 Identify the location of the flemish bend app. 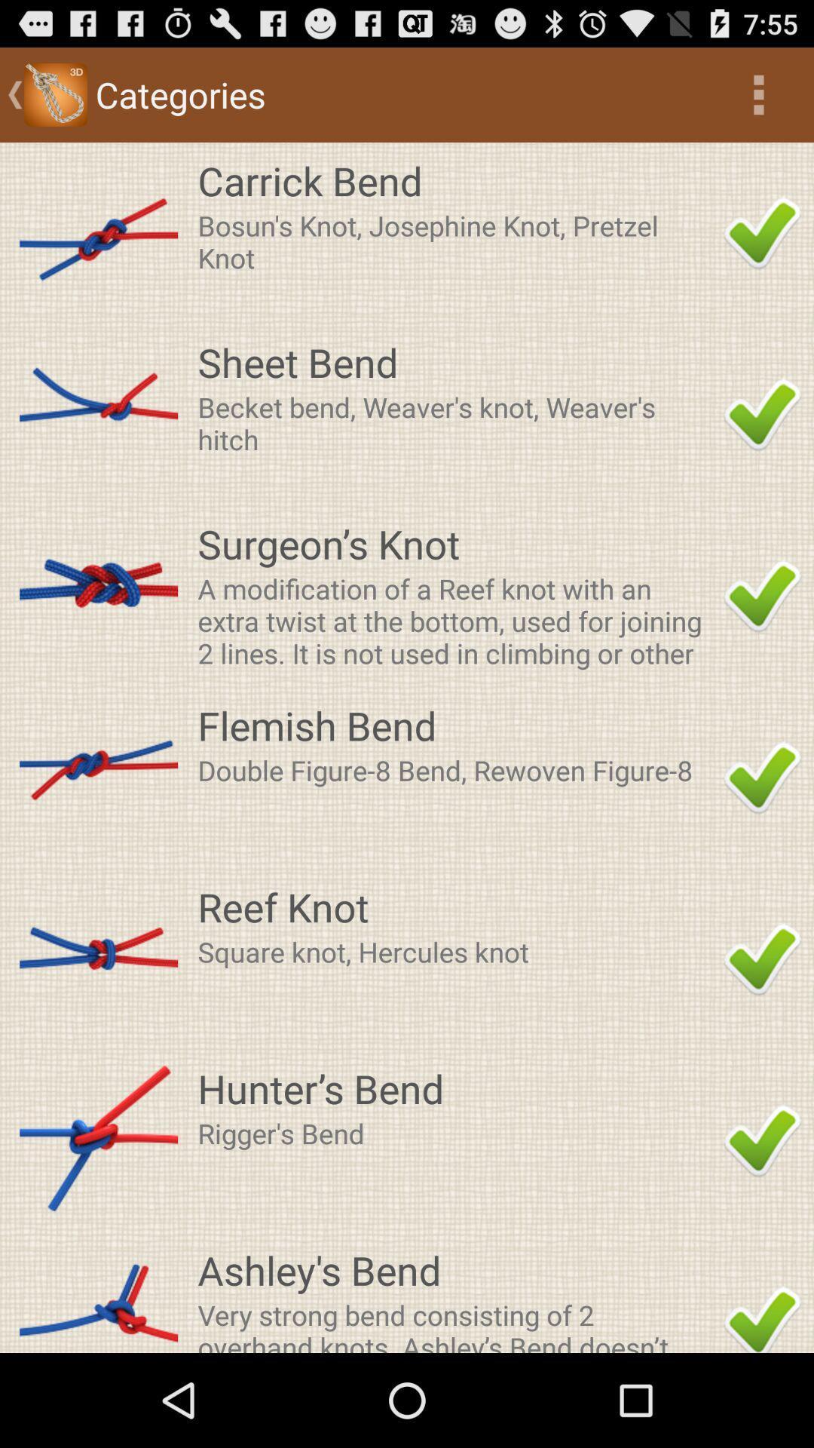
(455, 725).